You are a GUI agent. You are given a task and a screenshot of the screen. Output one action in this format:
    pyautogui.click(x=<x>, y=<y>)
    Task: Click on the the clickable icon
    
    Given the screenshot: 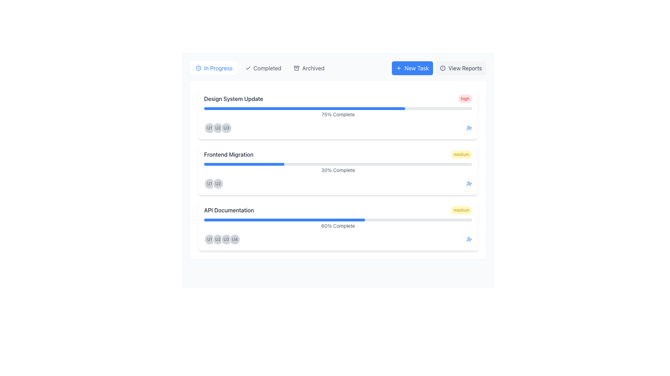 What is the action you would take?
    pyautogui.click(x=469, y=128)
    